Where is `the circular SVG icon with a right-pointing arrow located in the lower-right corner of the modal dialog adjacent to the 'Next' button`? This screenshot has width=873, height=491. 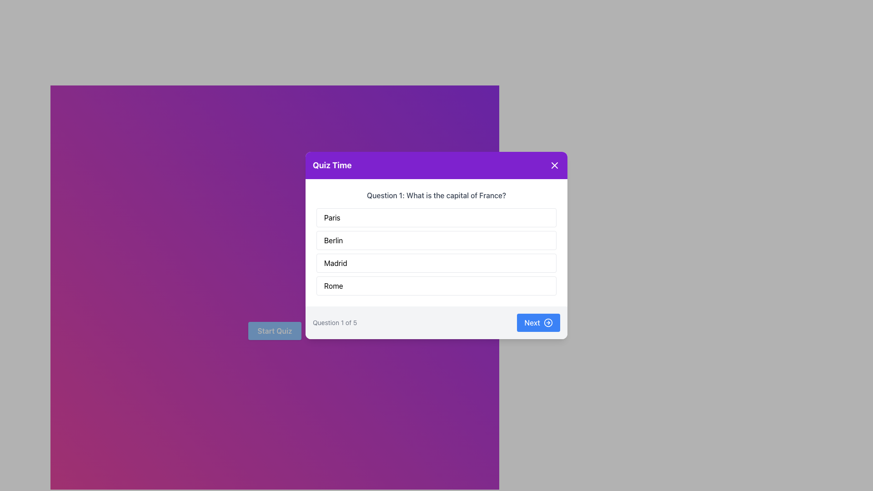
the circular SVG icon with a right-pointing arrow located in the lower-right corner of the modal dialog adjacent to the 'Next' button is located at coordinates (547, 322).